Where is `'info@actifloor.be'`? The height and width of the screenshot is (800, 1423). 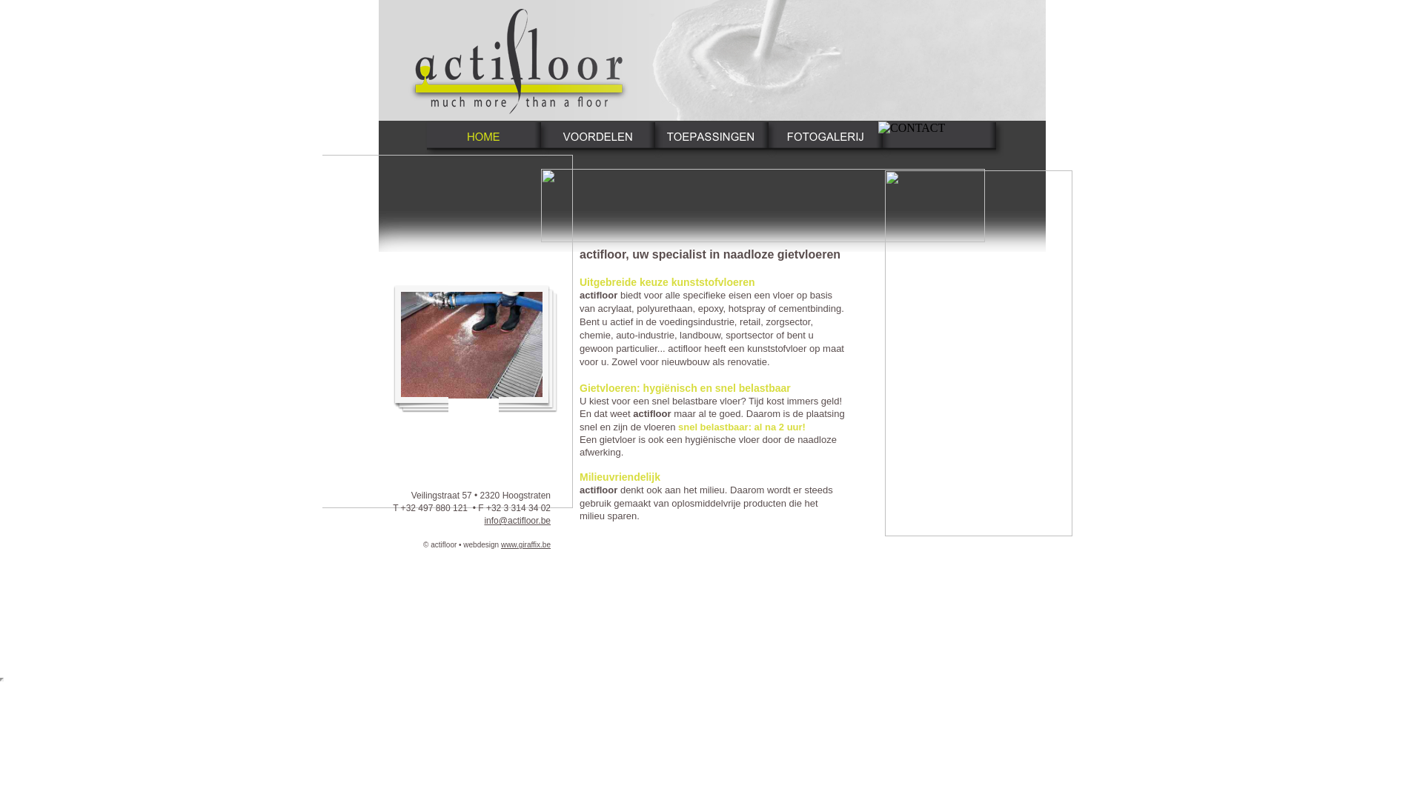
'info@actifloor.be' is located at coordinates (517, 519).